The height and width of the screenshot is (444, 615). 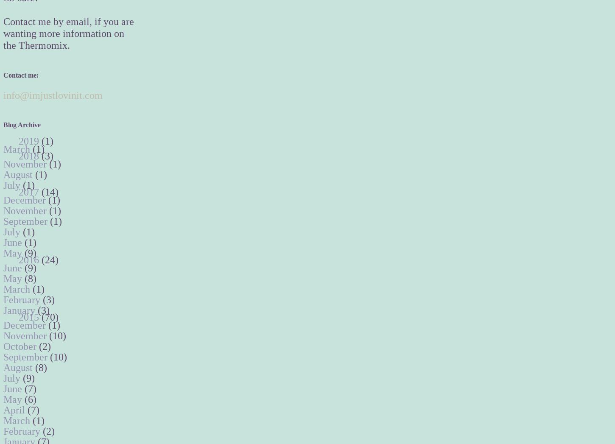 I want to click on 'April', so click(x=15, y=410).